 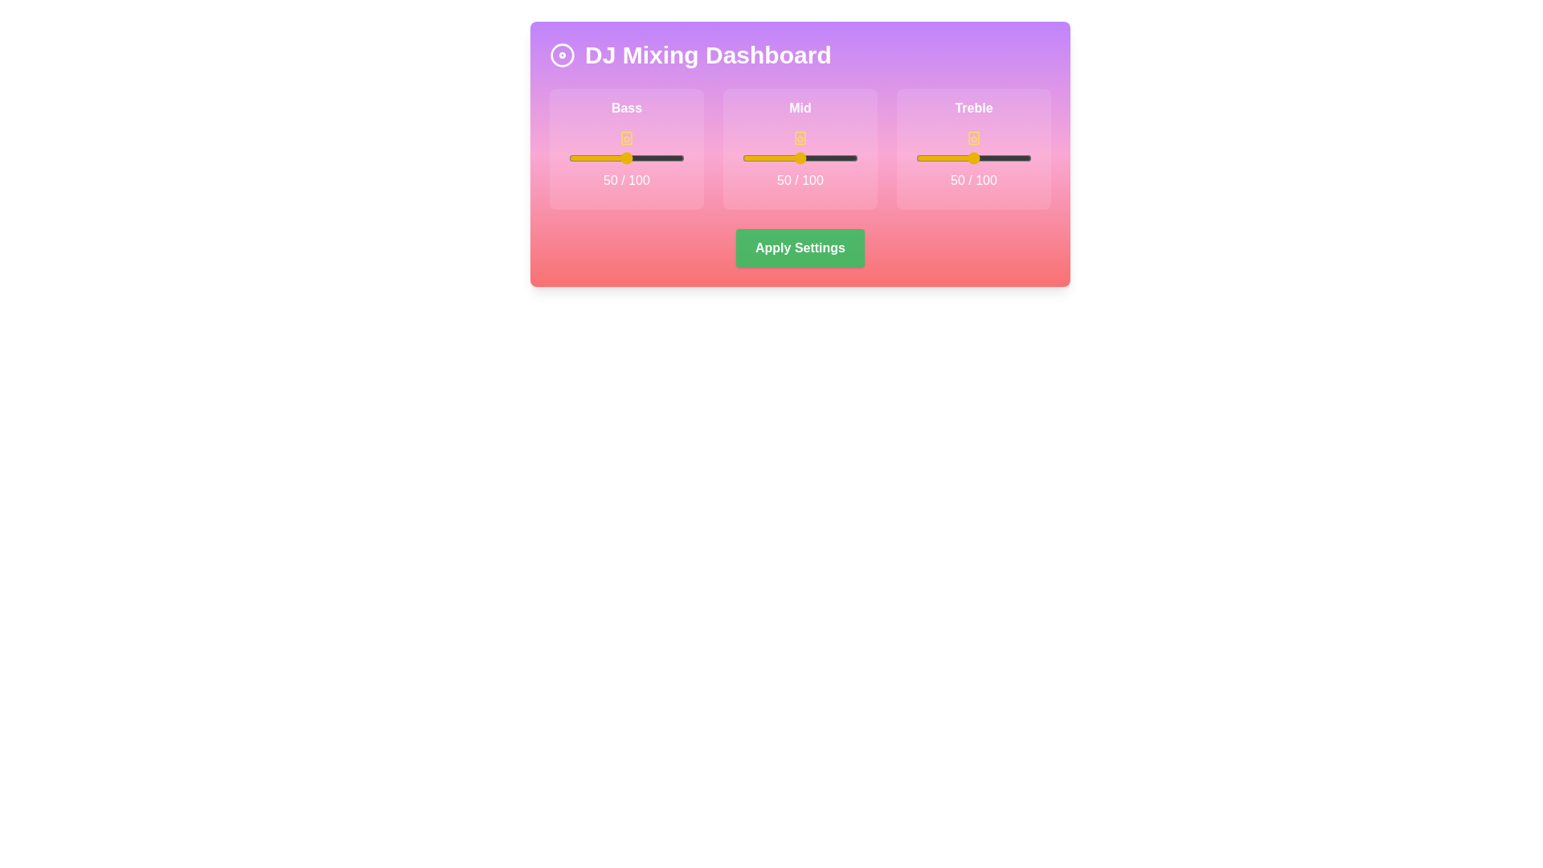 What do you see at coordinates (621, 158) in the screenshot?
I see `the bass slider to set its value to 46` at bounding box center [621, 158].